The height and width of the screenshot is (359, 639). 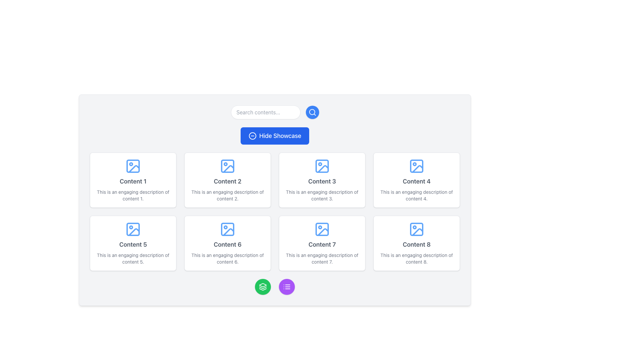 I want to click on the circular blue button with a magnifying glass icon, so click(x=312, y=112).